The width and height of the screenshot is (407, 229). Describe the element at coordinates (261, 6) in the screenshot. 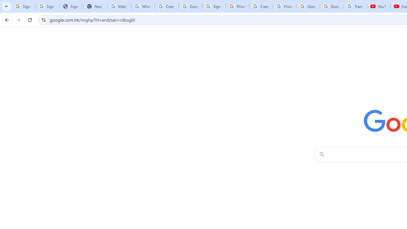

I see `'Create your Google Account'` at that location.